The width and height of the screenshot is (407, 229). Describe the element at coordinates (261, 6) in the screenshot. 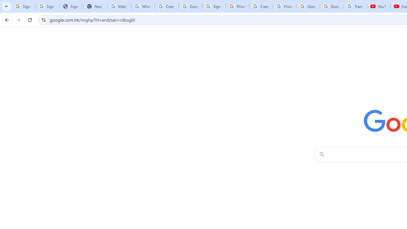

I see `'Create your Google Account'` at that location.